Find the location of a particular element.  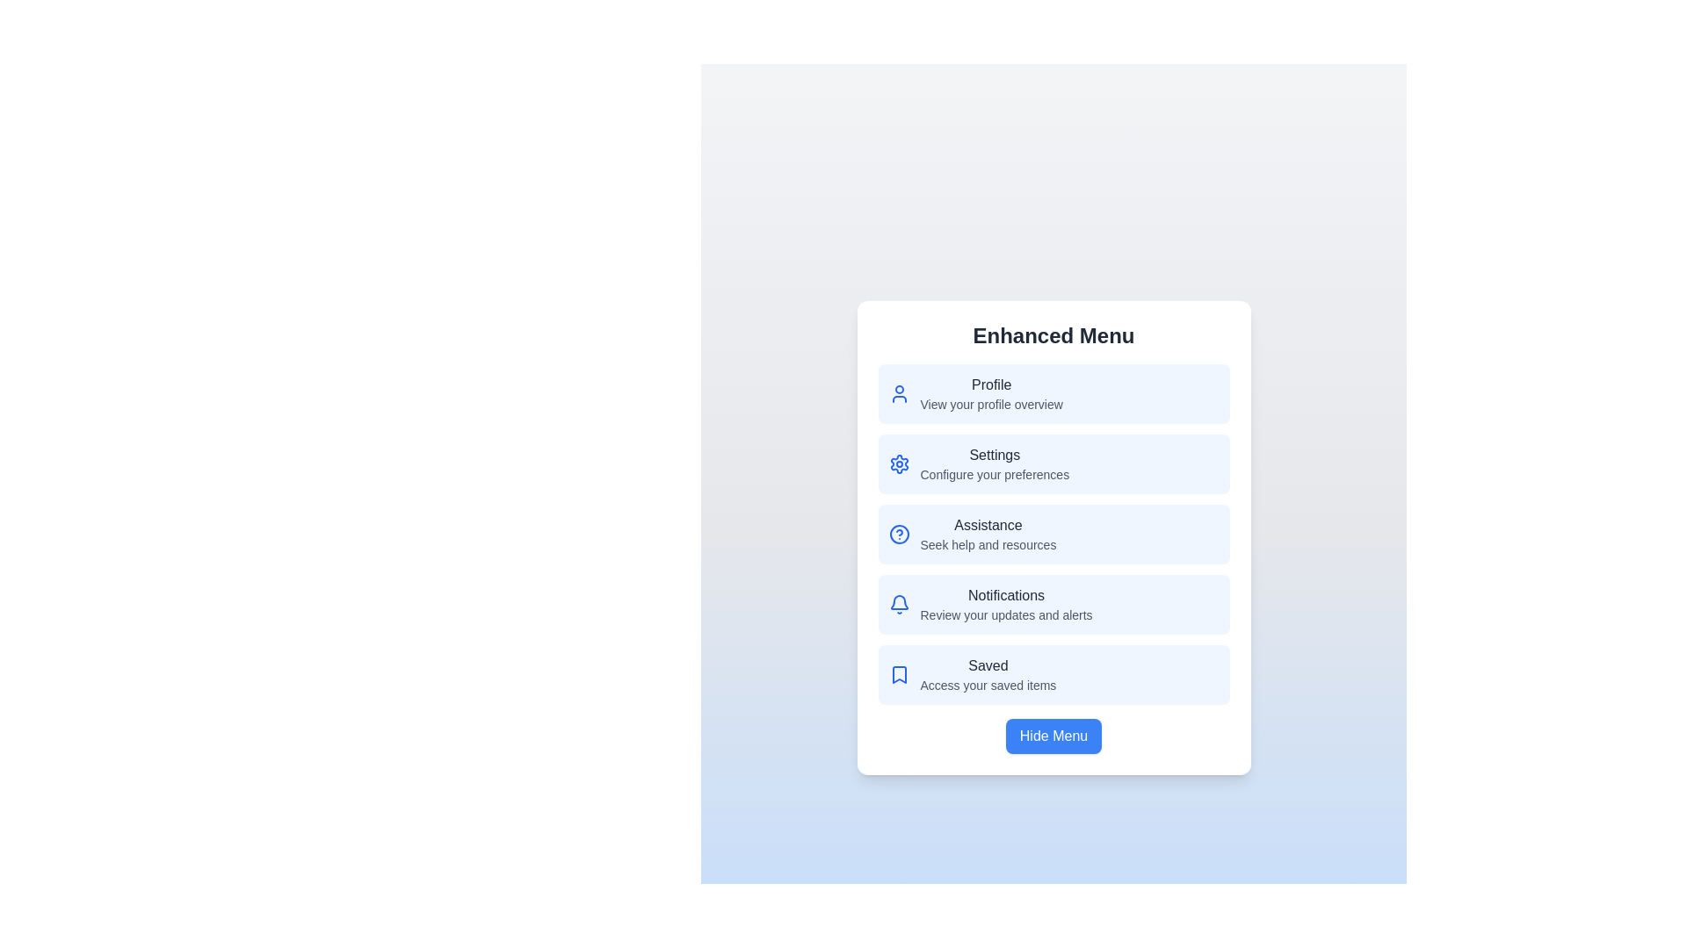

the menu item labeled Assistance to see its hover effect is located at coordinates (1053, 534).